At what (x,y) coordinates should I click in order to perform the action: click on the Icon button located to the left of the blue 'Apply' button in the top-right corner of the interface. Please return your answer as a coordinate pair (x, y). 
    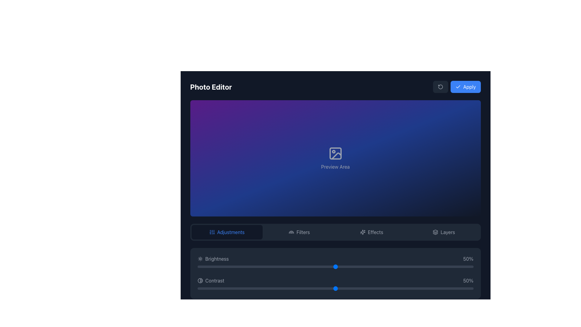
    Looking at the image, I should click on (440, 87).